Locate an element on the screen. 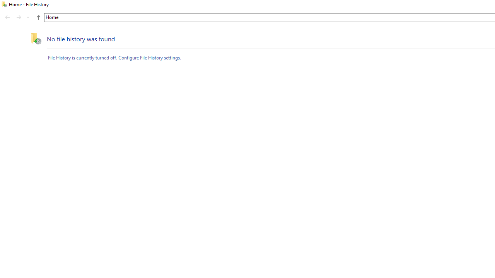  'UpButtonToolbar' is located at coordinates (38, 17).